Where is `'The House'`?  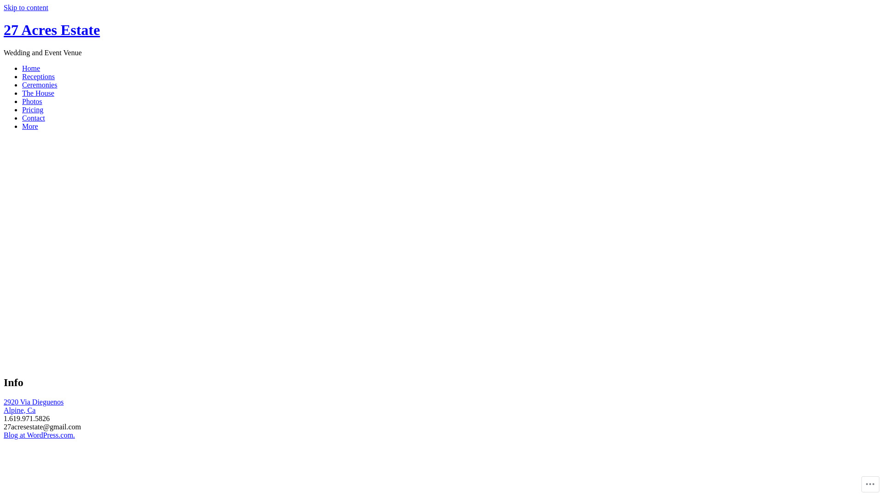 'The House' is located at coordinates (22, 93).